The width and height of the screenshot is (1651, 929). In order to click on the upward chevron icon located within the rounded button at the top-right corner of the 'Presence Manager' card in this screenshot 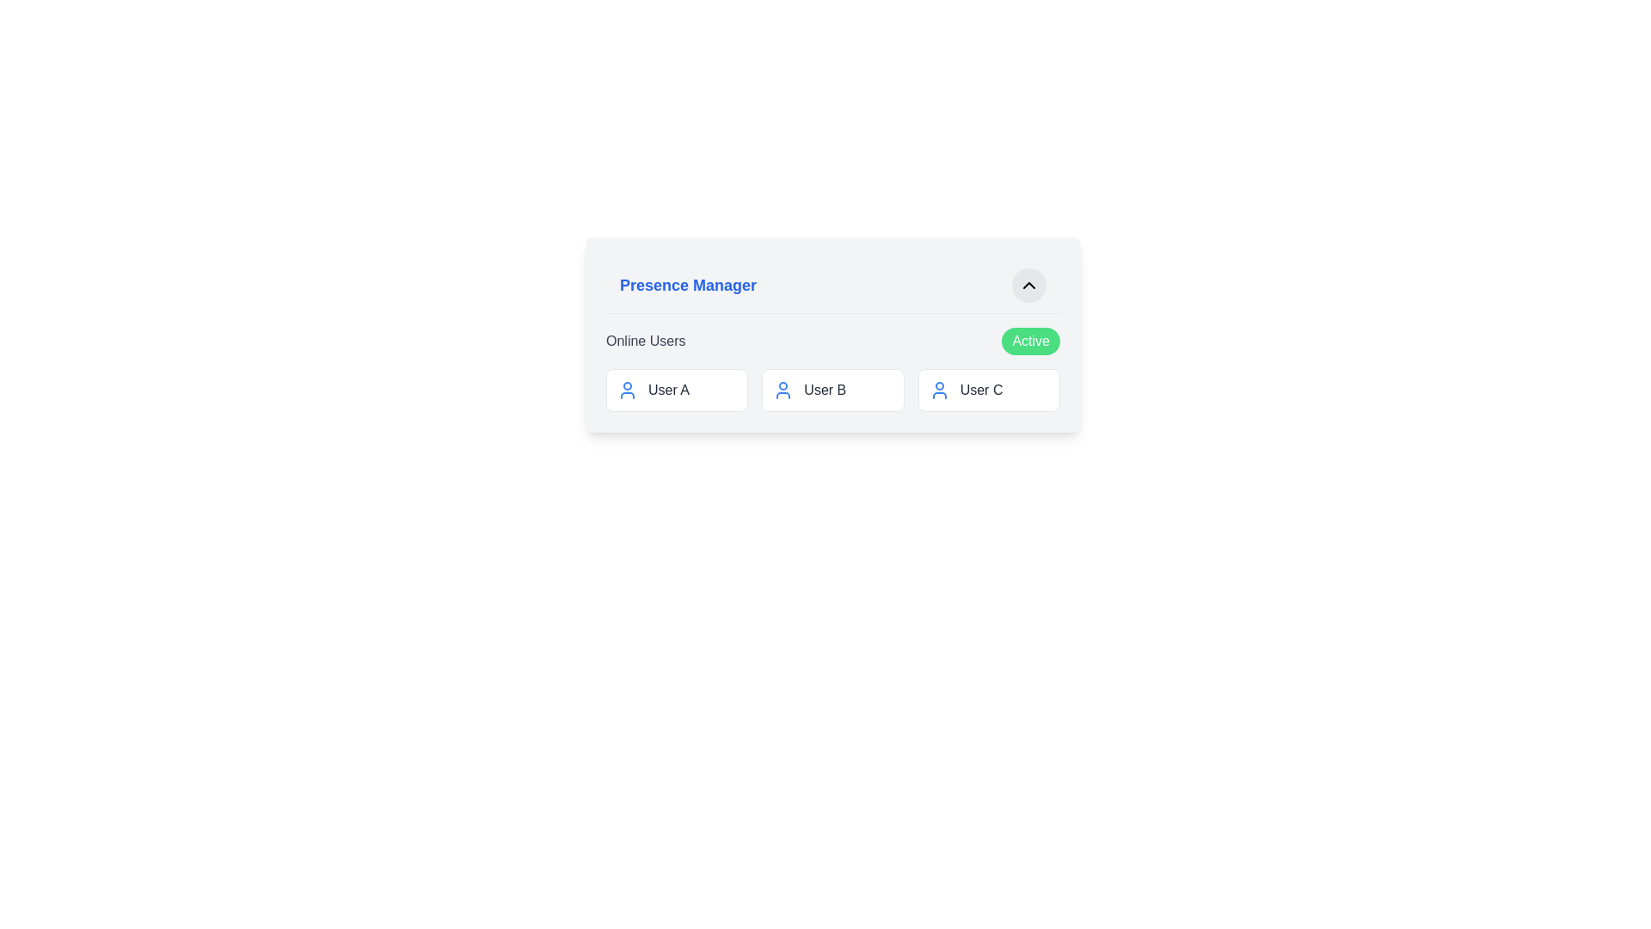, I will do `click(1028, 284)`.